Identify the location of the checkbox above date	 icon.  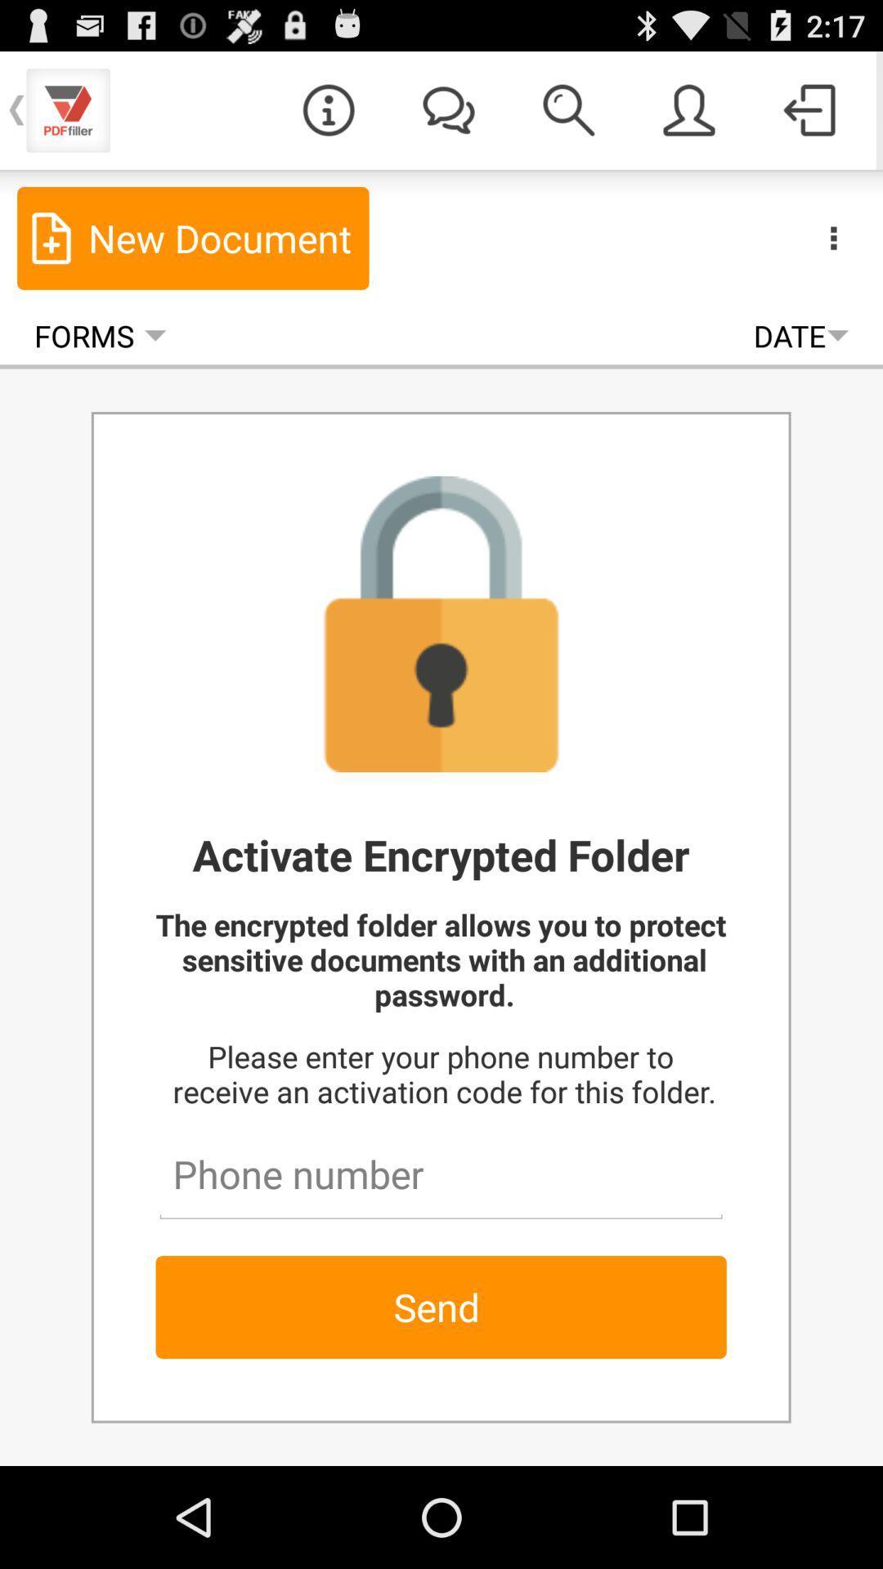
(689, 109).